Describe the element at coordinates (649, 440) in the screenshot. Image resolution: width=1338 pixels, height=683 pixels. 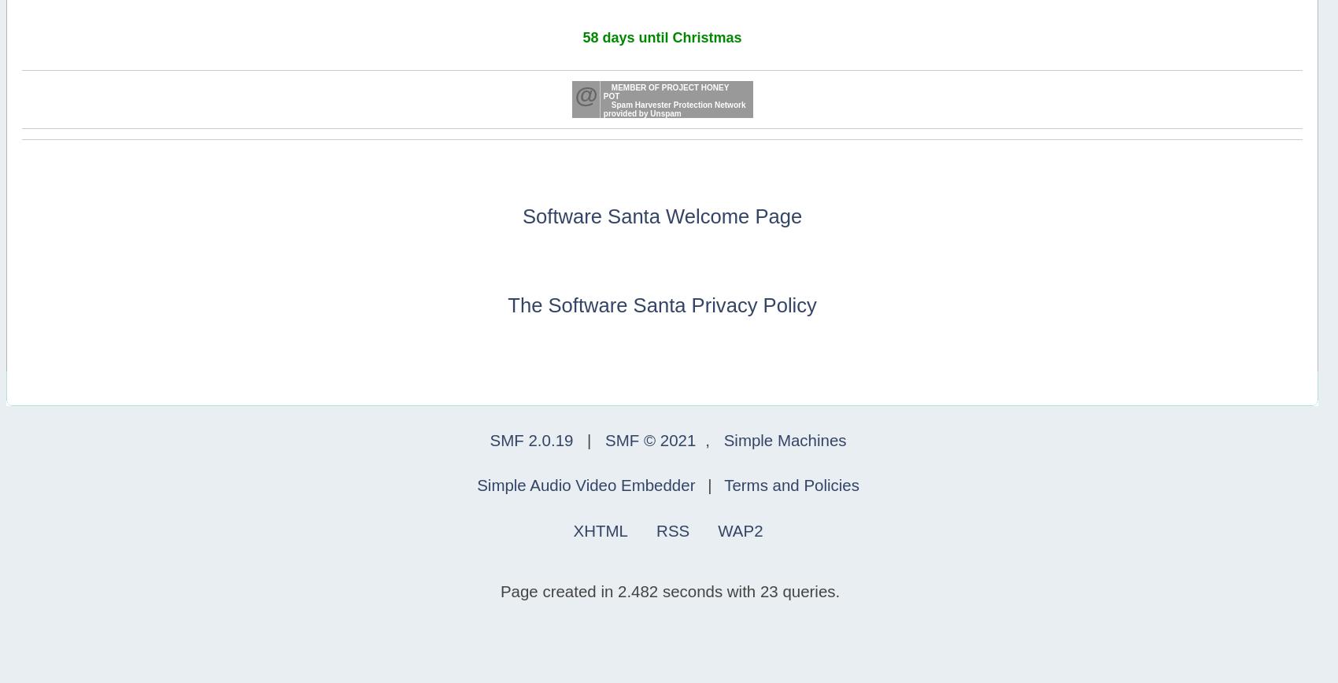
I see `'SMF © 2021'` at that location.